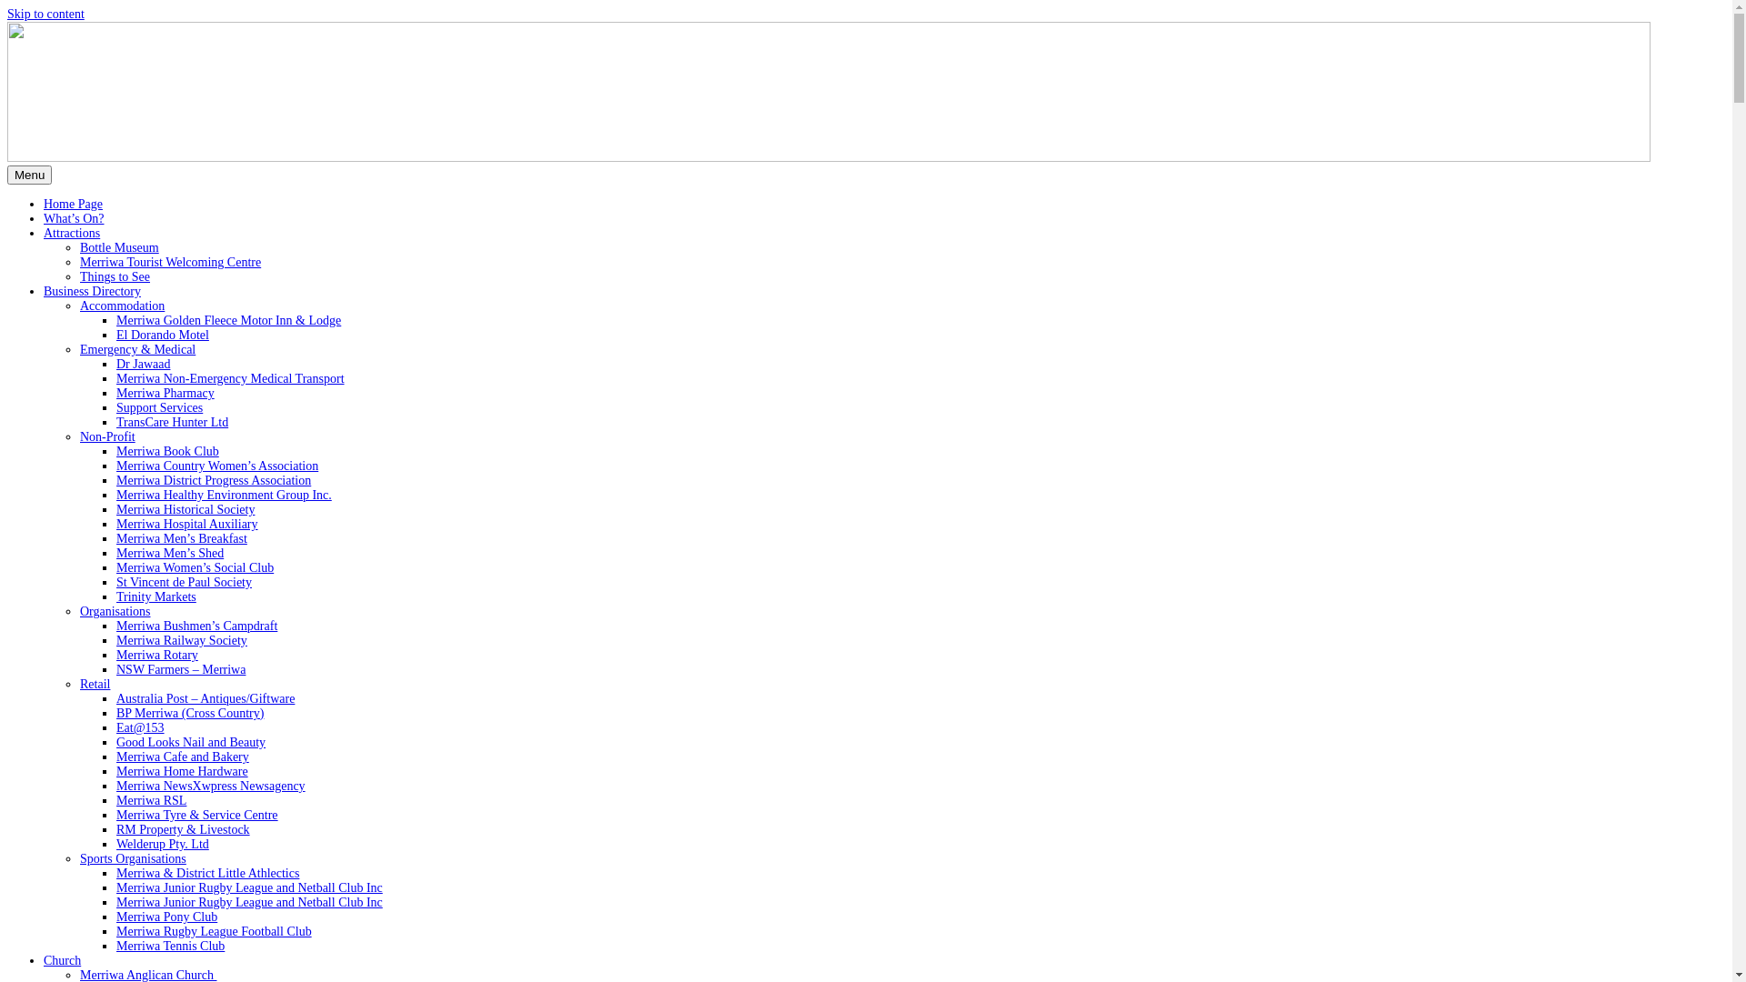 The image size is (1746, 982). I want to click on 'Merriwa Non-Emergency Medical Transport', so click(229, 377).